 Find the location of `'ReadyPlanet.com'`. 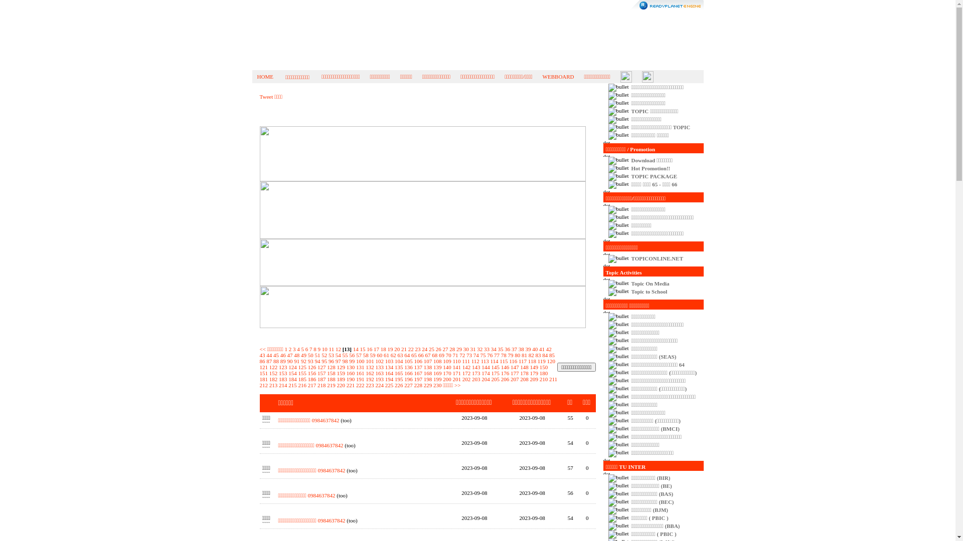

'ReadyPlanet.com' is located at coordinates (667, 5).